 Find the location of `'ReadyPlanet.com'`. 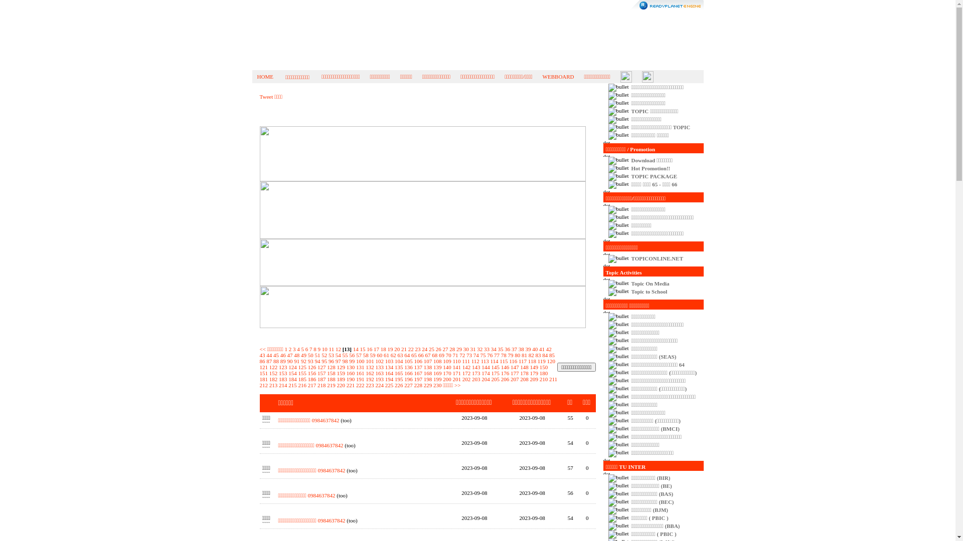

'ReadyPlanet.com' is located at coordinates (667, 5).